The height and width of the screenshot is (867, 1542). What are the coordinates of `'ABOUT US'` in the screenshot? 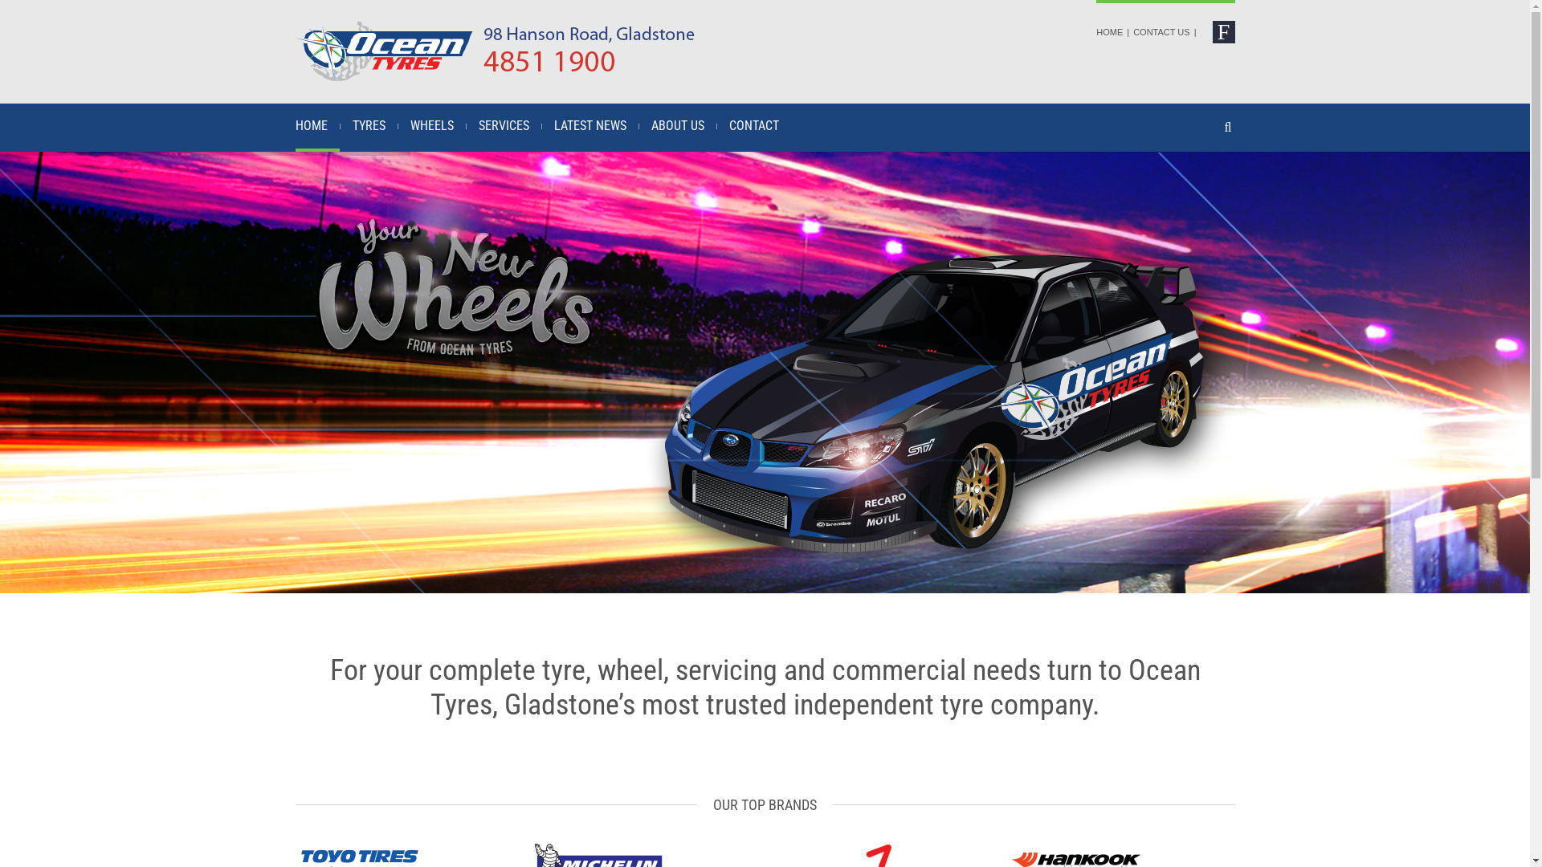 It's located at (678, 126).